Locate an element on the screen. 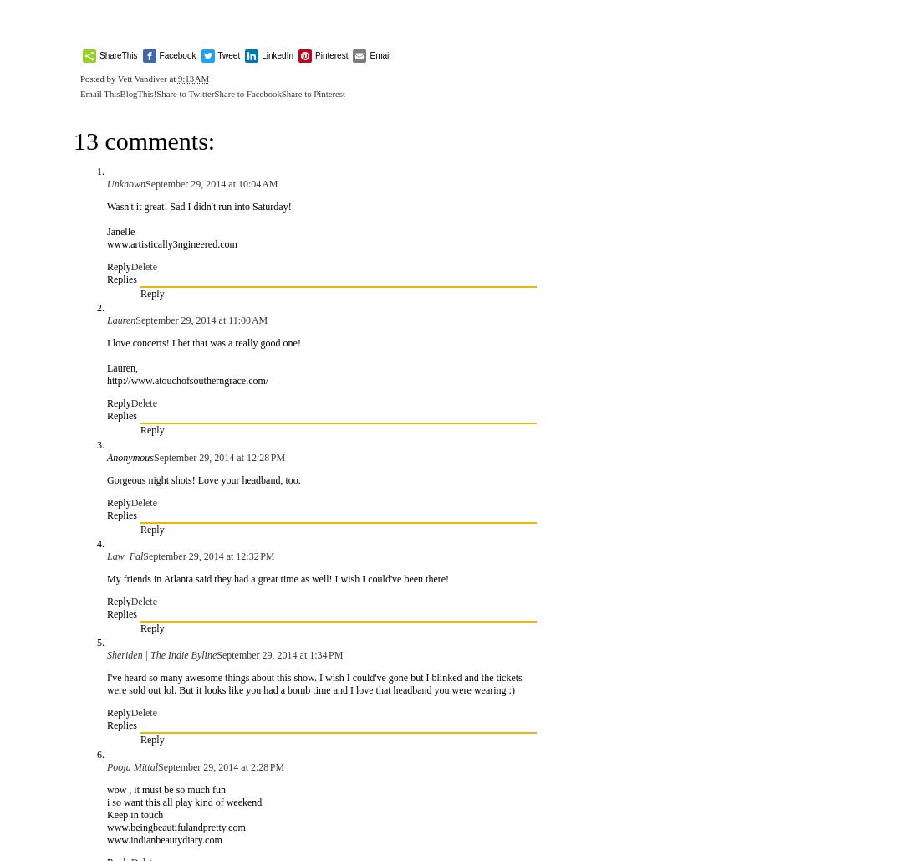 This screenshot has height=861, width=918. 'www.indianbeautydiary.com' is located at coordinates (163, 838).